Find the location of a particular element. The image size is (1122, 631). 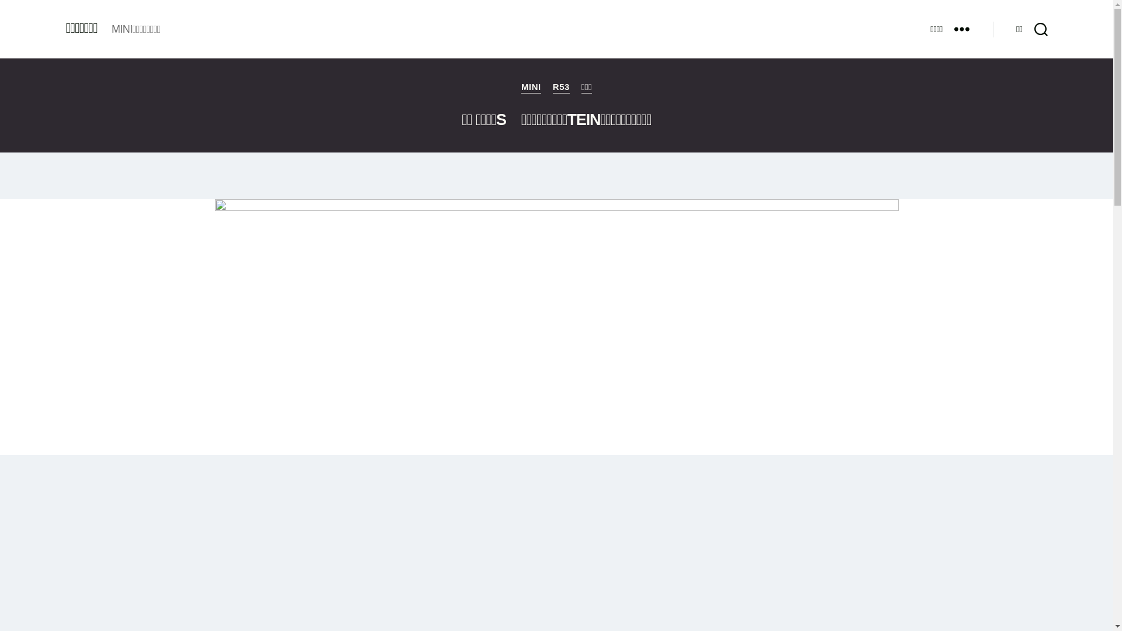

'R53' is located at coordinates (561, 87).